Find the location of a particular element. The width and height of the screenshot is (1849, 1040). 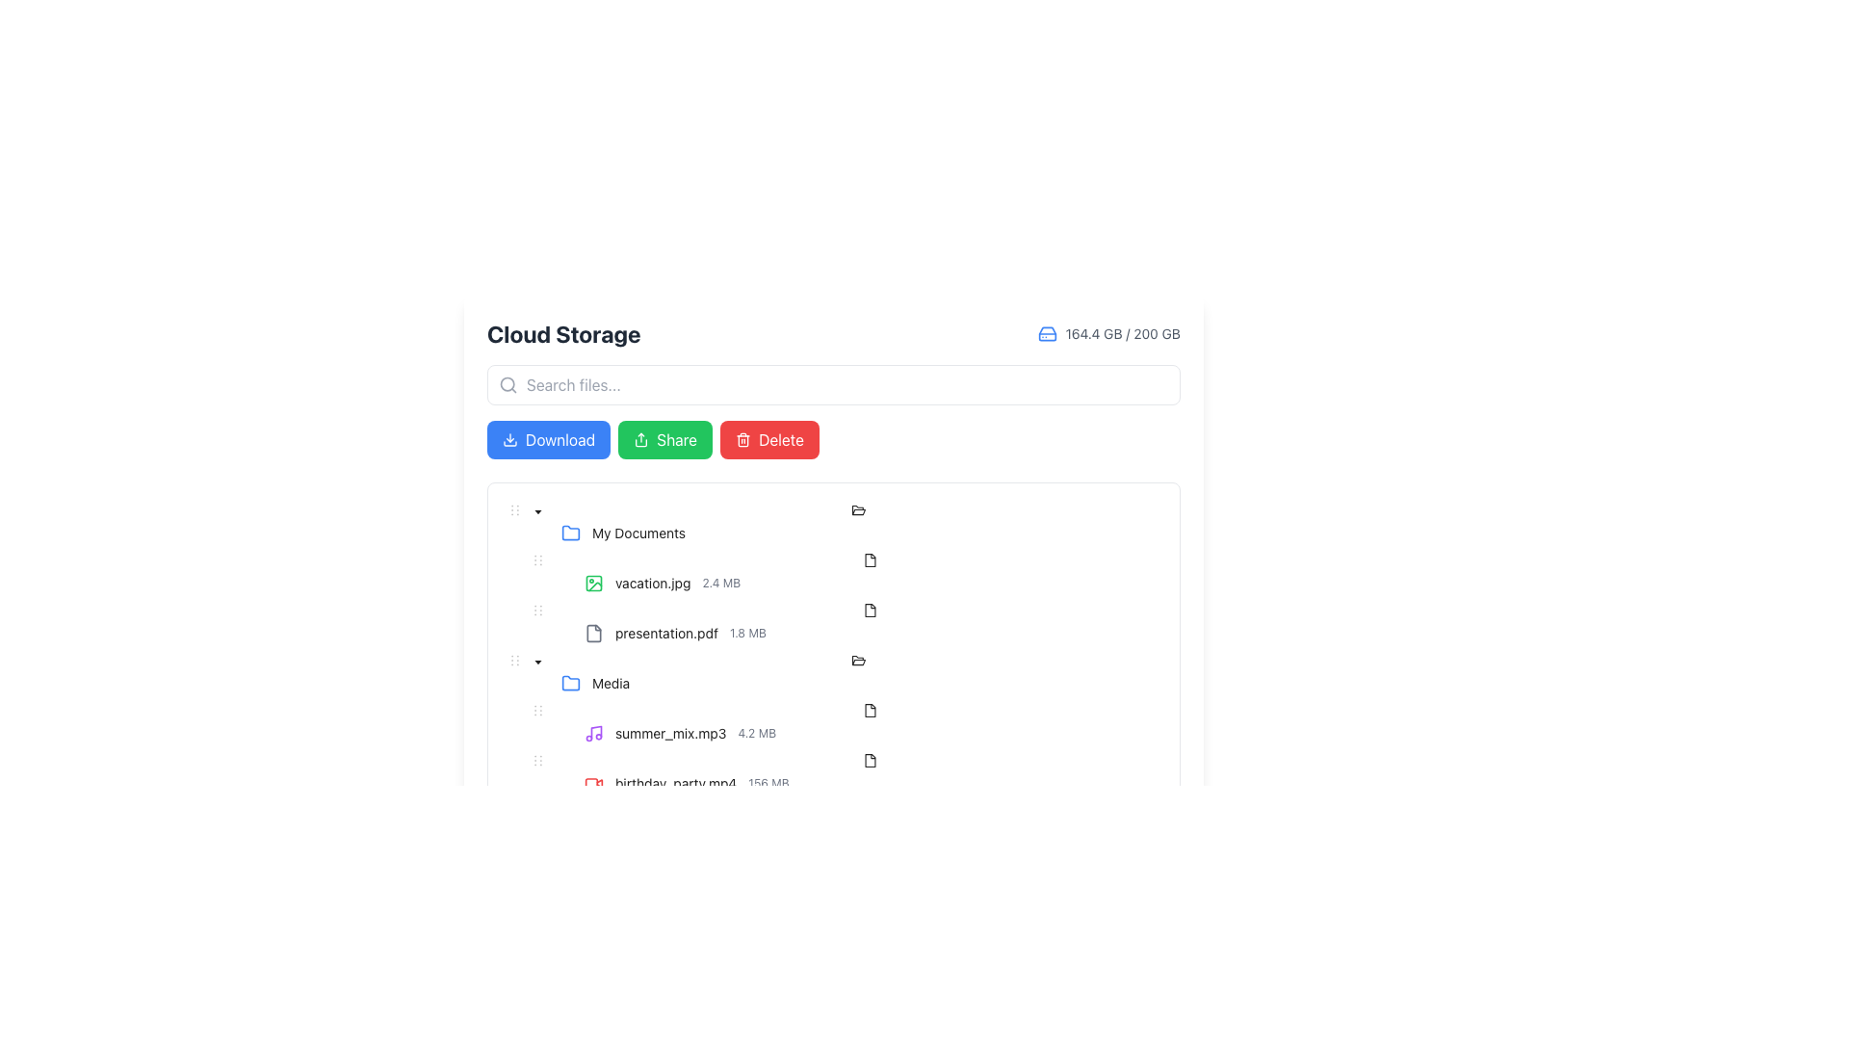

the icon representing the file 'vacation.jpg' located is located at coordinates (869, 560).